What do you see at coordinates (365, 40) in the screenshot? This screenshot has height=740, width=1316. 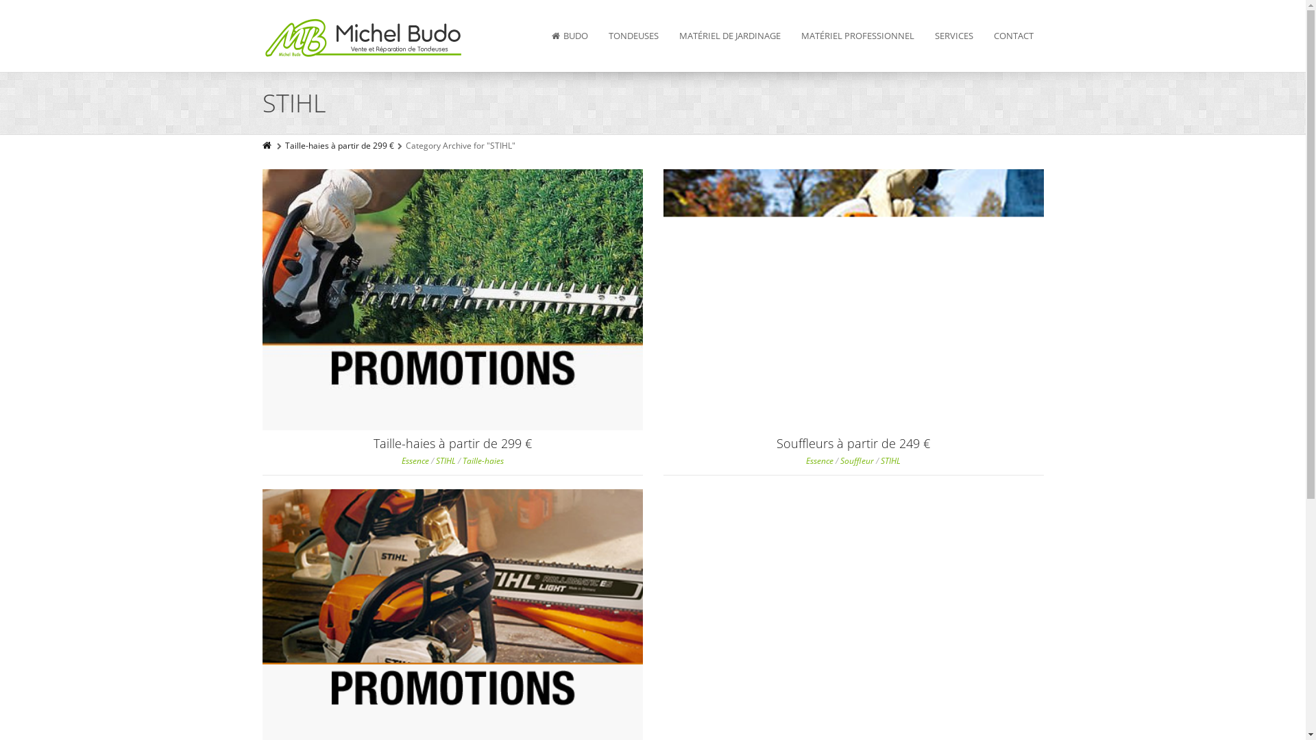 I see `'Budo SCRL'` at bounding box center [365, 40].